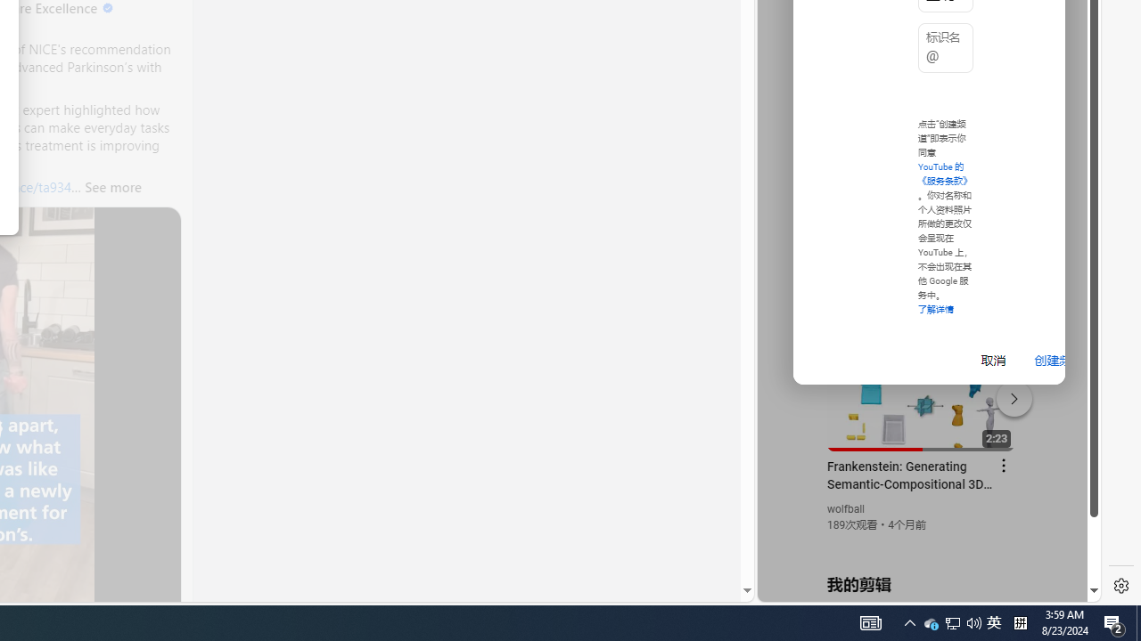  Describe the element at coordinates (1066, 73) in the screenshot. I see `'Click to scroll right'` at that location.